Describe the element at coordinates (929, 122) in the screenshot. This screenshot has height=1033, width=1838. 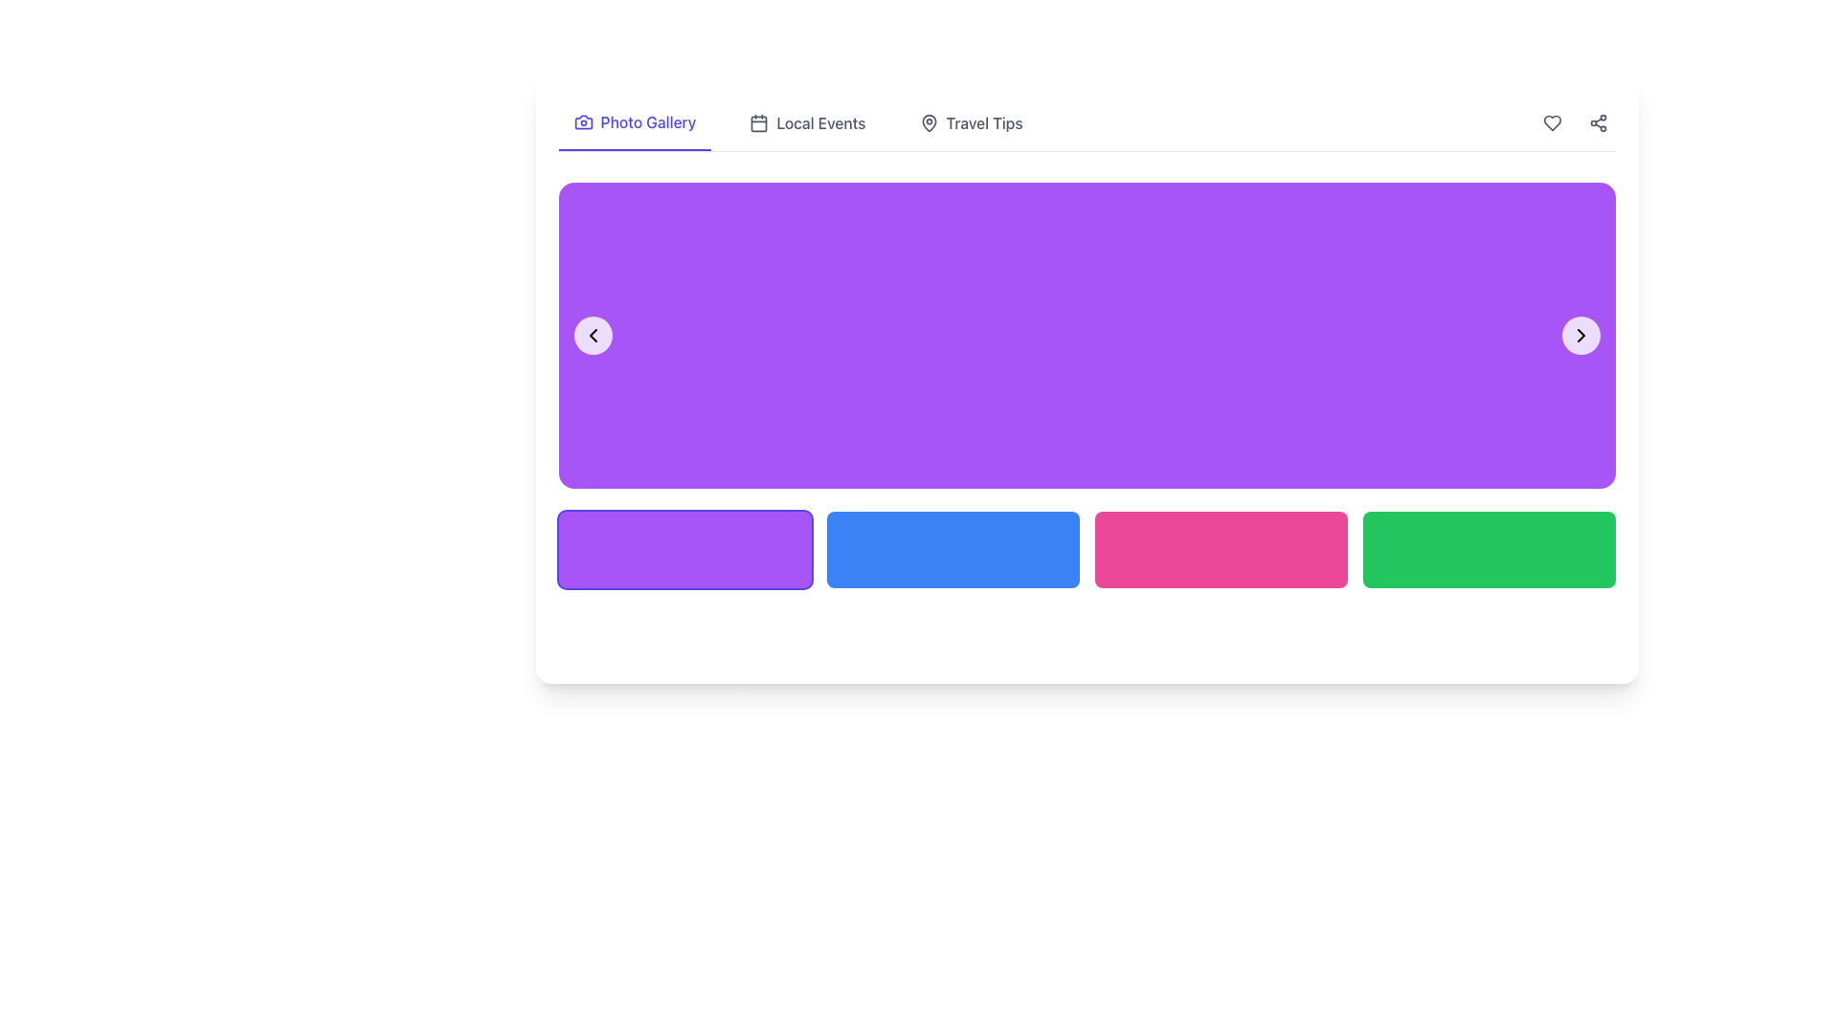
I see `the map pin icon located in the header navigation bar, adjacent to the 'Travel Tips' text` at that location.